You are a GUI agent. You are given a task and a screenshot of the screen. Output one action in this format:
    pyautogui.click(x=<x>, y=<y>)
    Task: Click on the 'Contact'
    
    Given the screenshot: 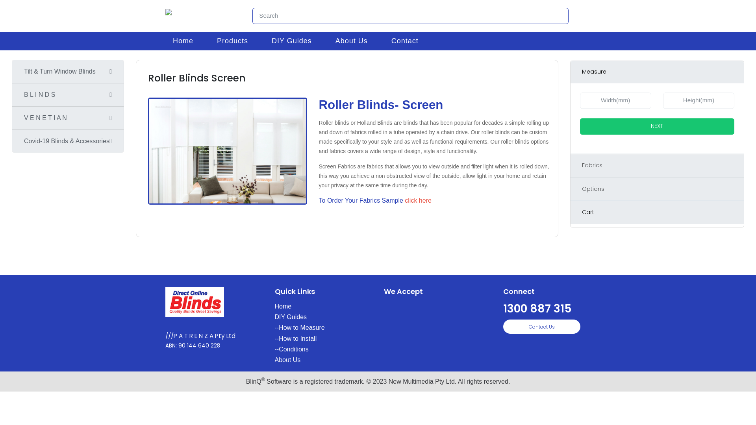 What is the action you would take?
    pyautogui.click(x=405, y=41)
    